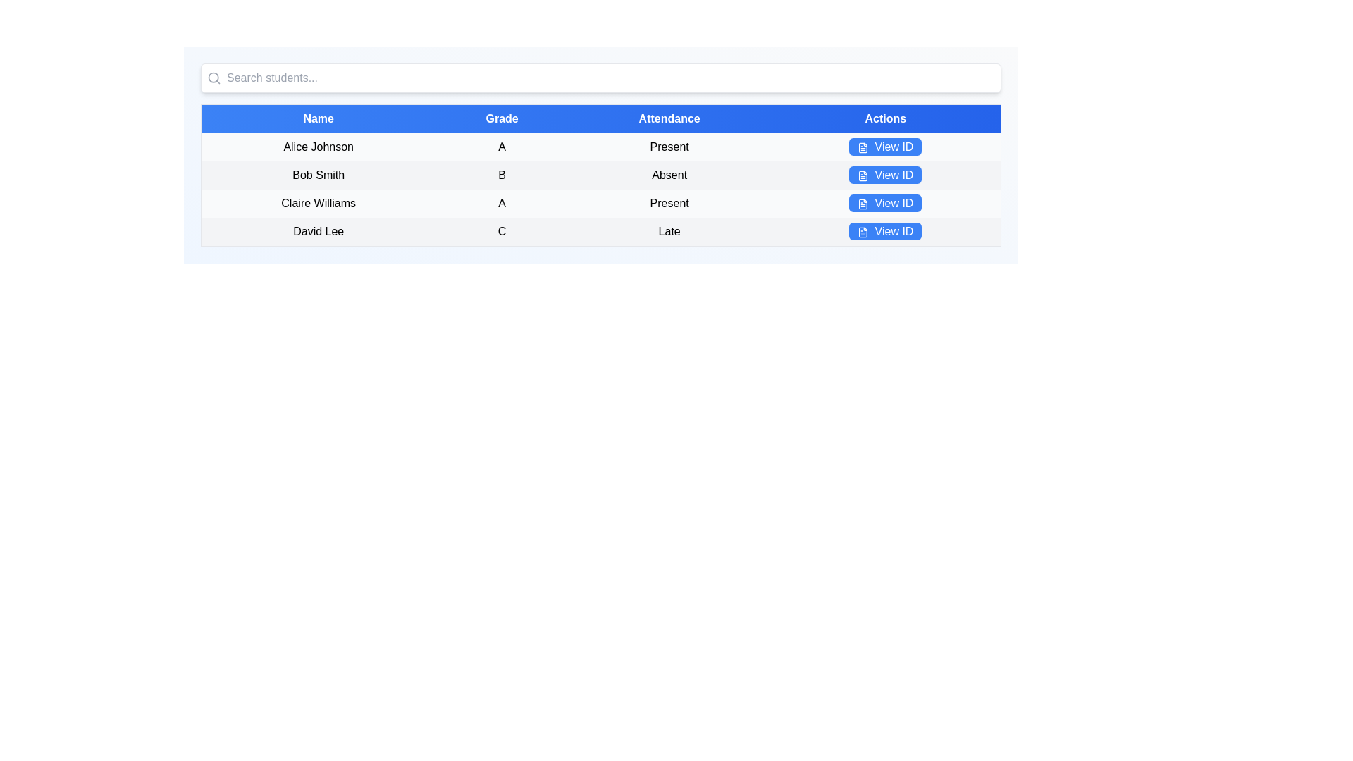 The height and width of the screenshot is (761, 1353). What do you see at coordinates (317, 204) in the screenshot?
I see `the text label representing the name of an individual in the third row of the data table under the 'Name' column` at bounding box center [317, 204].